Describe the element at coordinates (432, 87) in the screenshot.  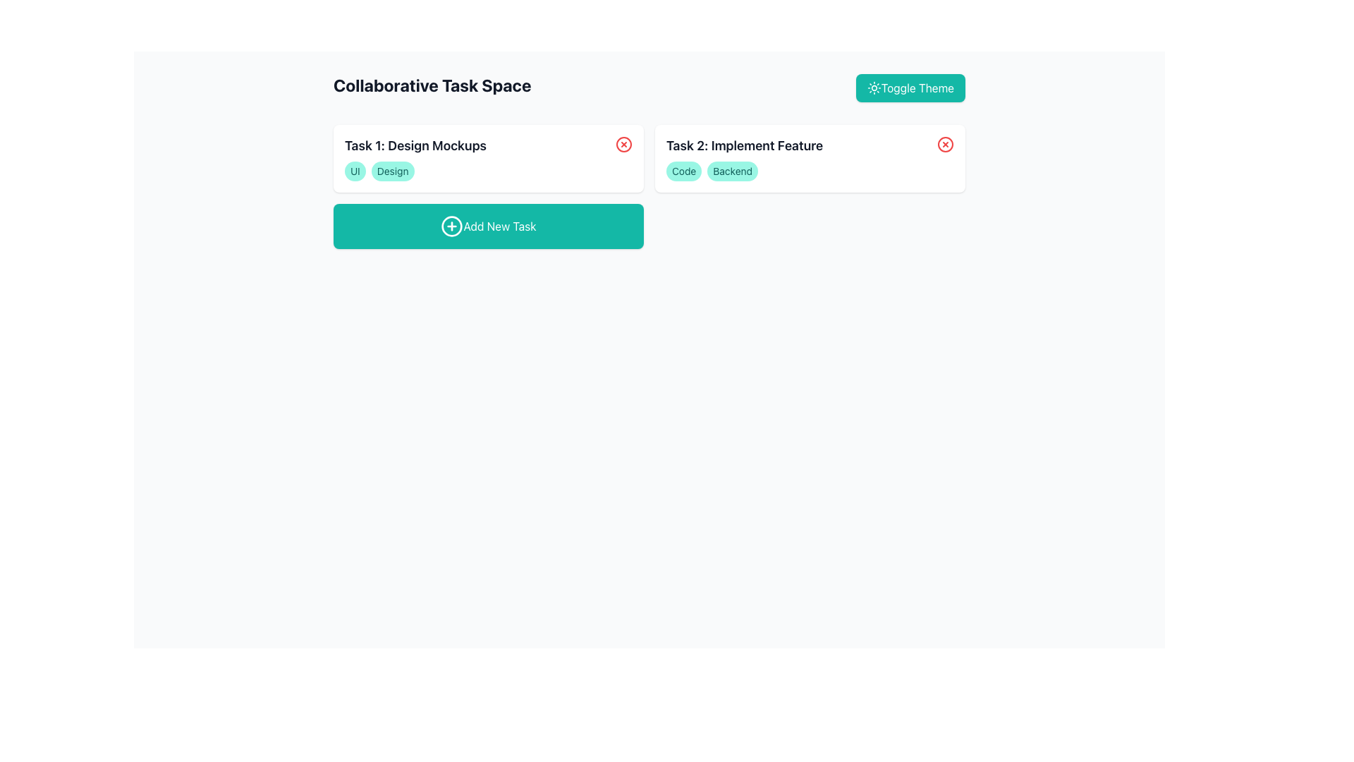
I see `the Header text element, which serves as the title header indicating the main subject or section of the application` at that location.